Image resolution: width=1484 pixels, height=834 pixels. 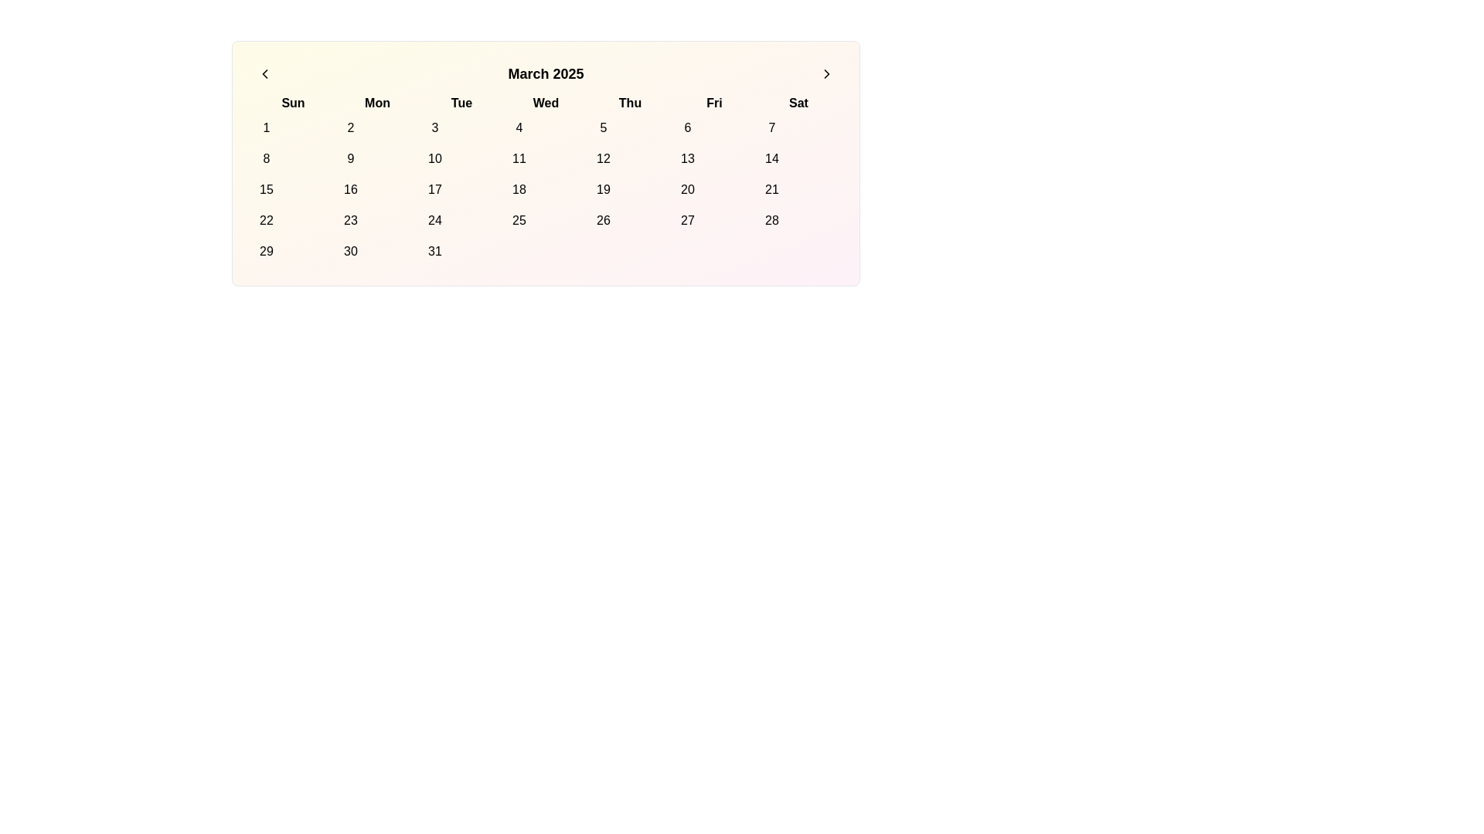 What do you see at coordinates (519, 189) in the screenshot?
I see `the circular button labeled '18' in the calendar grid located in the fourth column and third row under 'Wed'` at bounding box center [519, 189].